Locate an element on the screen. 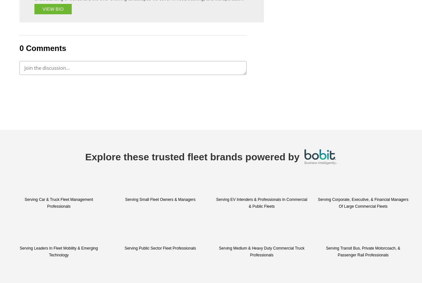 The width and height of the screenshot is (422, 283). 'Serving Transit Bus, Private Motorcoach, & Passenger Rail Professionals' is located at coordinates (363, 252).